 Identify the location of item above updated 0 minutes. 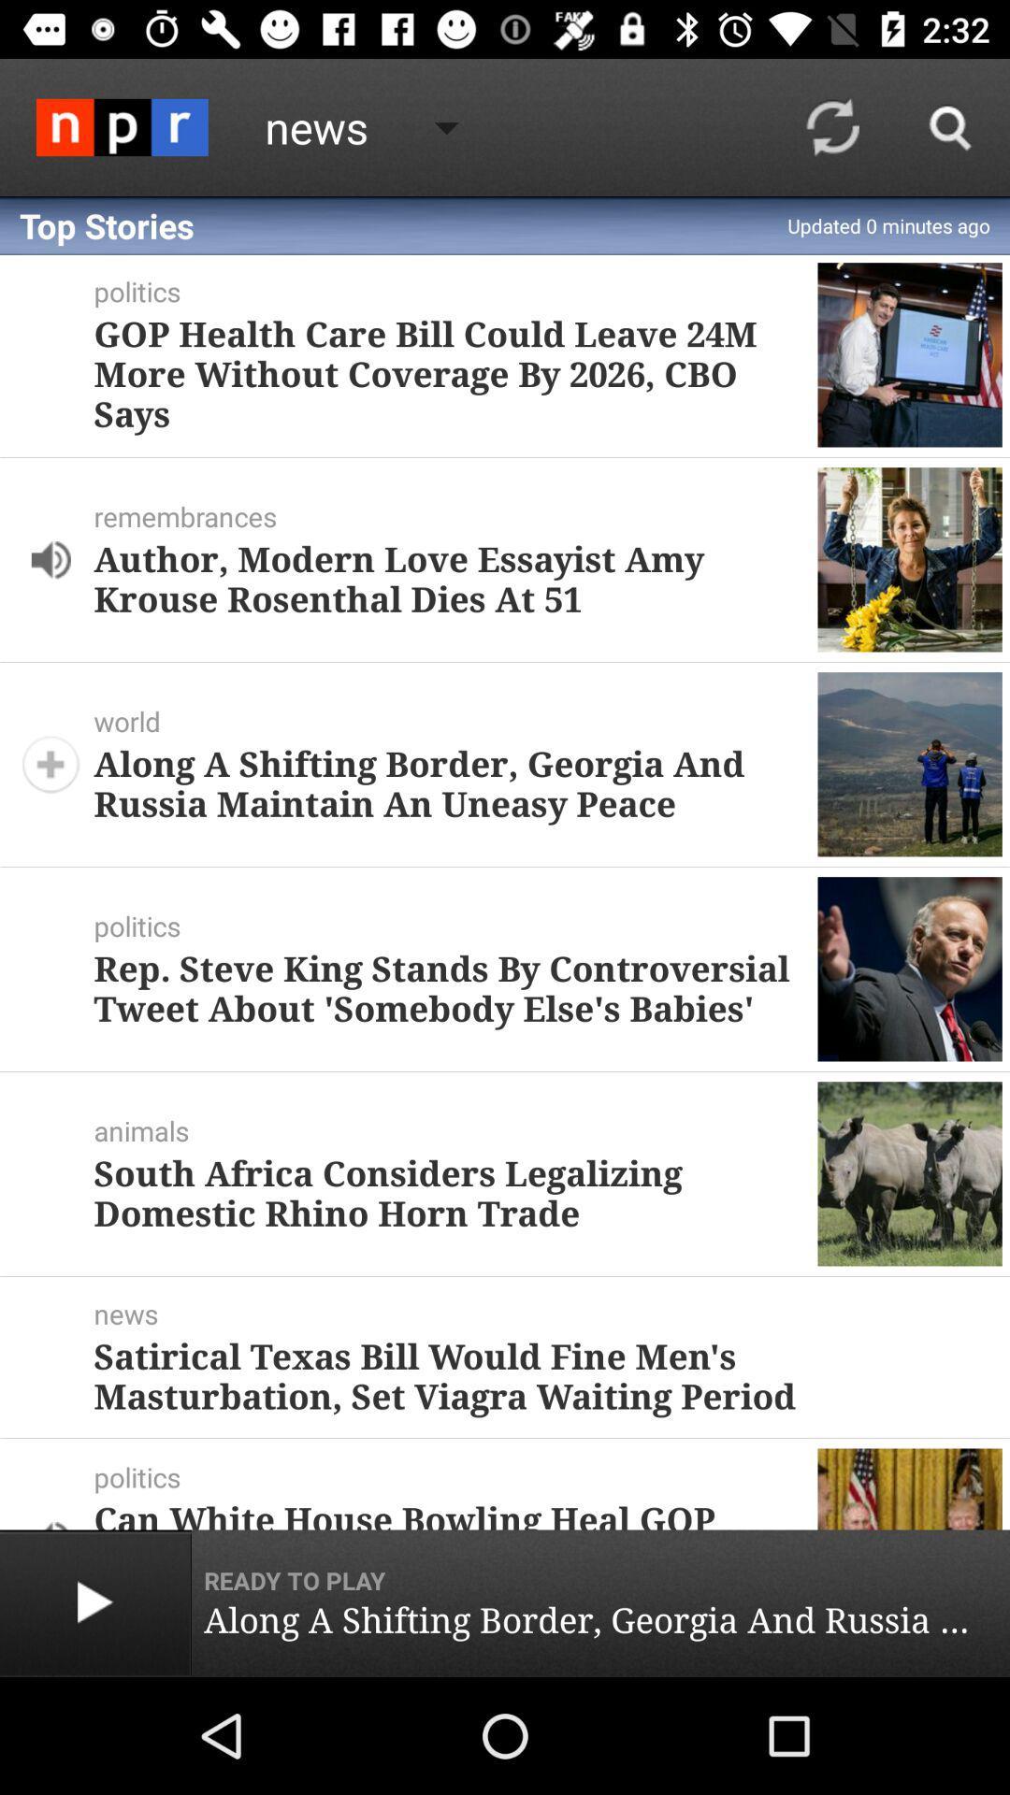
(951, 126).